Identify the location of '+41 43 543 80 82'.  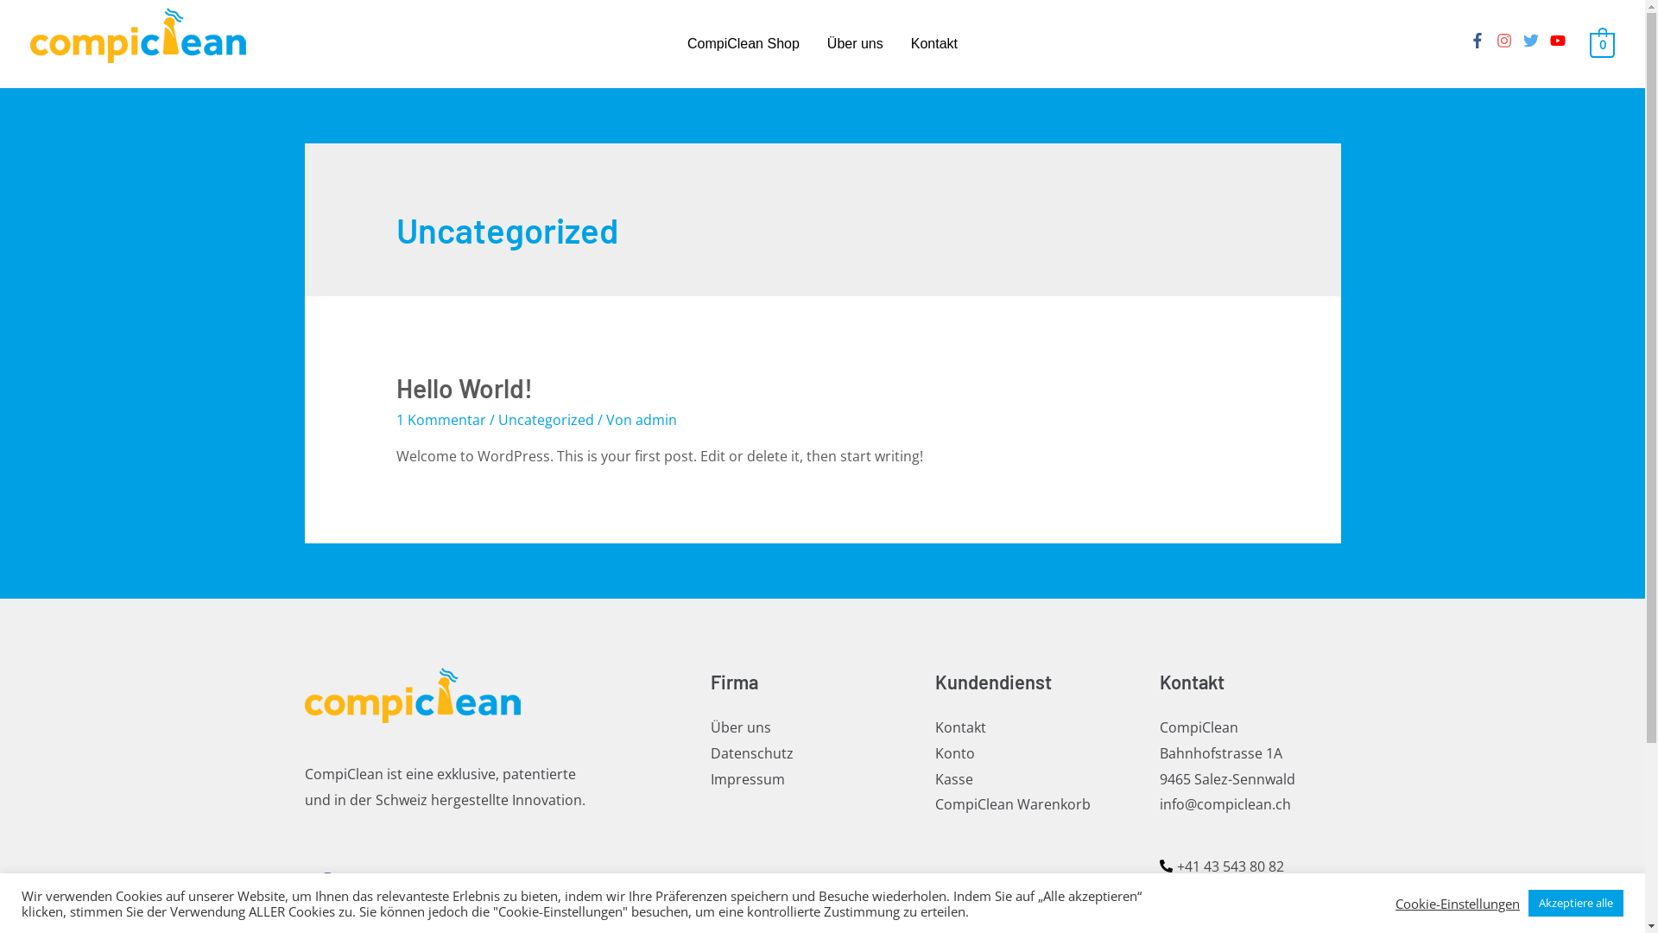
(1220, 866).